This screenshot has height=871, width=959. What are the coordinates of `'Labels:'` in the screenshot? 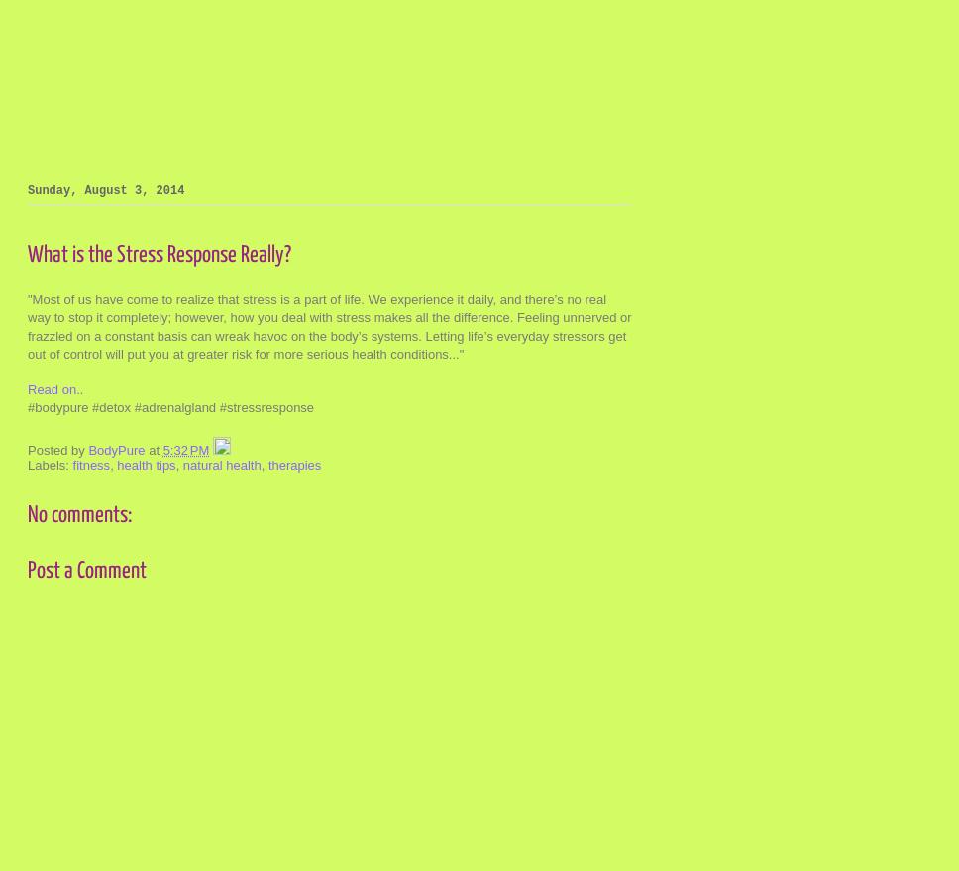 It's located at (49, 464).